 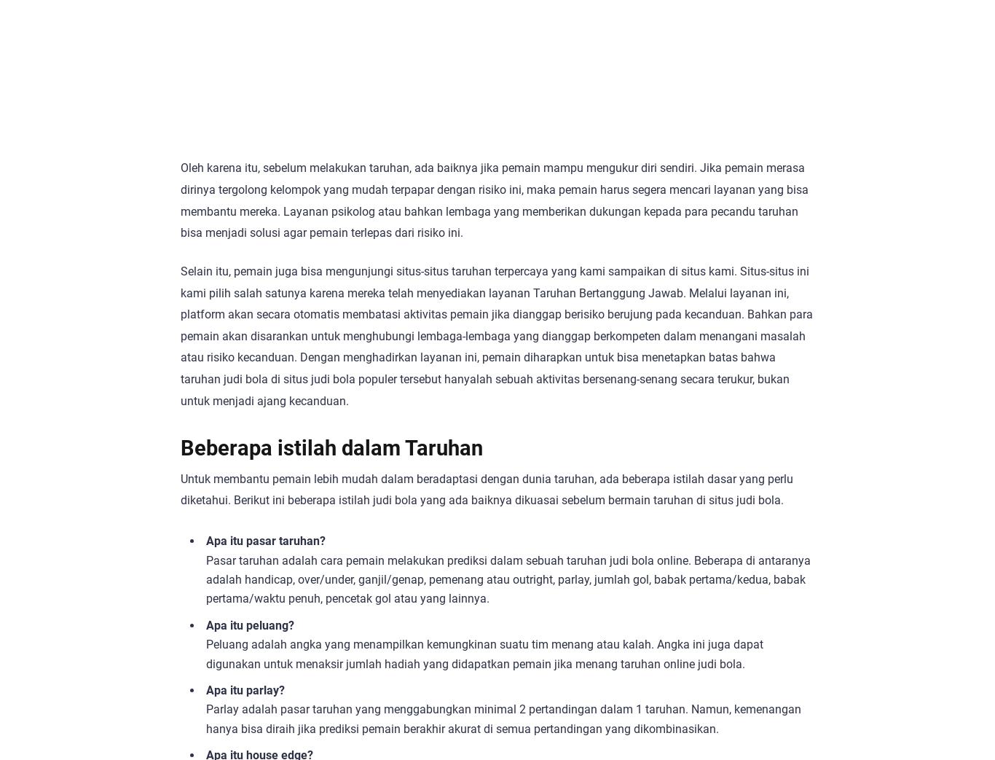 I want to click on 'Apa itu peluang?', so click(x=249, y=624).